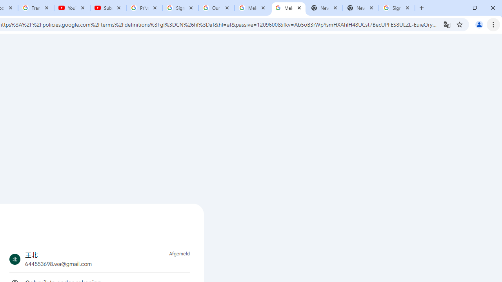 This screenshot has height=282, width=502. Describe the element at coordinates (447, 24) in the screenshot. I see `'Translate this page'` at that location.